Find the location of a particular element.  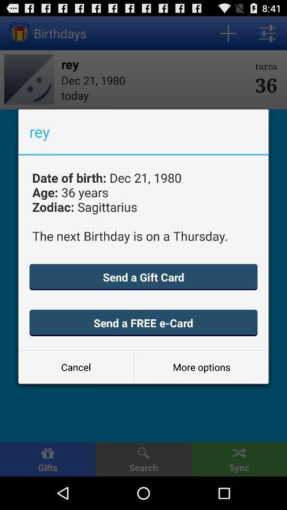

item at the bottom right corner is located at coordinates (201, 367).